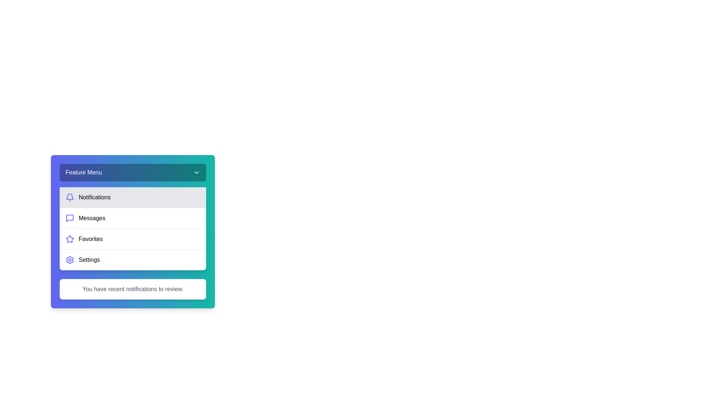 The width and height of the screenshot is (703, 395). Describe the element at coordinates (133, 218) in the screenshot. I see `the navigation button` at that location.